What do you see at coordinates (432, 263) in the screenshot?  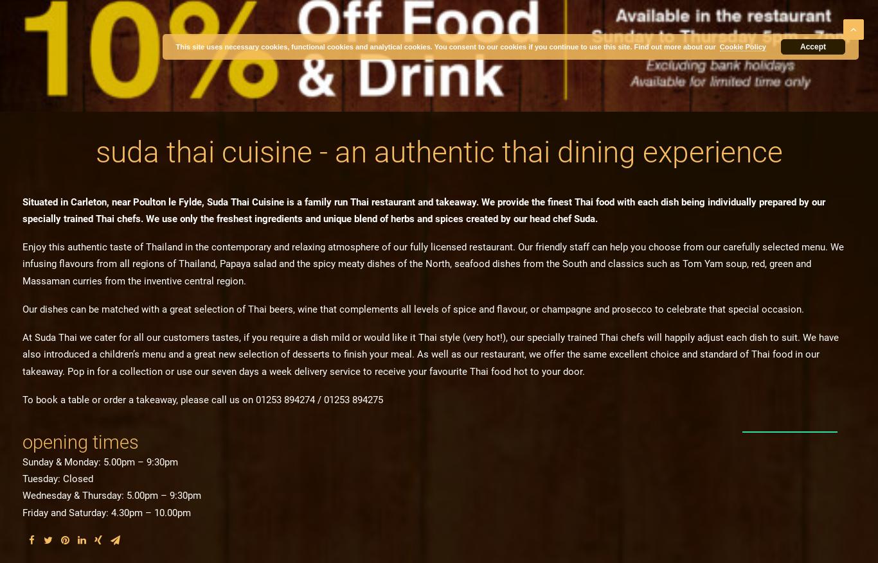 I see `'Enjoy this authentic taste of Thailand in the contemporary and relaxing atmosphere of our fully licensed restaurant. Our friendly staff can help you choose from our carefully selected menu. We infusing flavours from all regions of Thailand, Papaya salad and the spicy meaty dishes of the North, seafood dishes from the South and classics such as Tom Yam soup, red, green and Massaman curries from the inventive central region.'` at bounding box center [432, 263].